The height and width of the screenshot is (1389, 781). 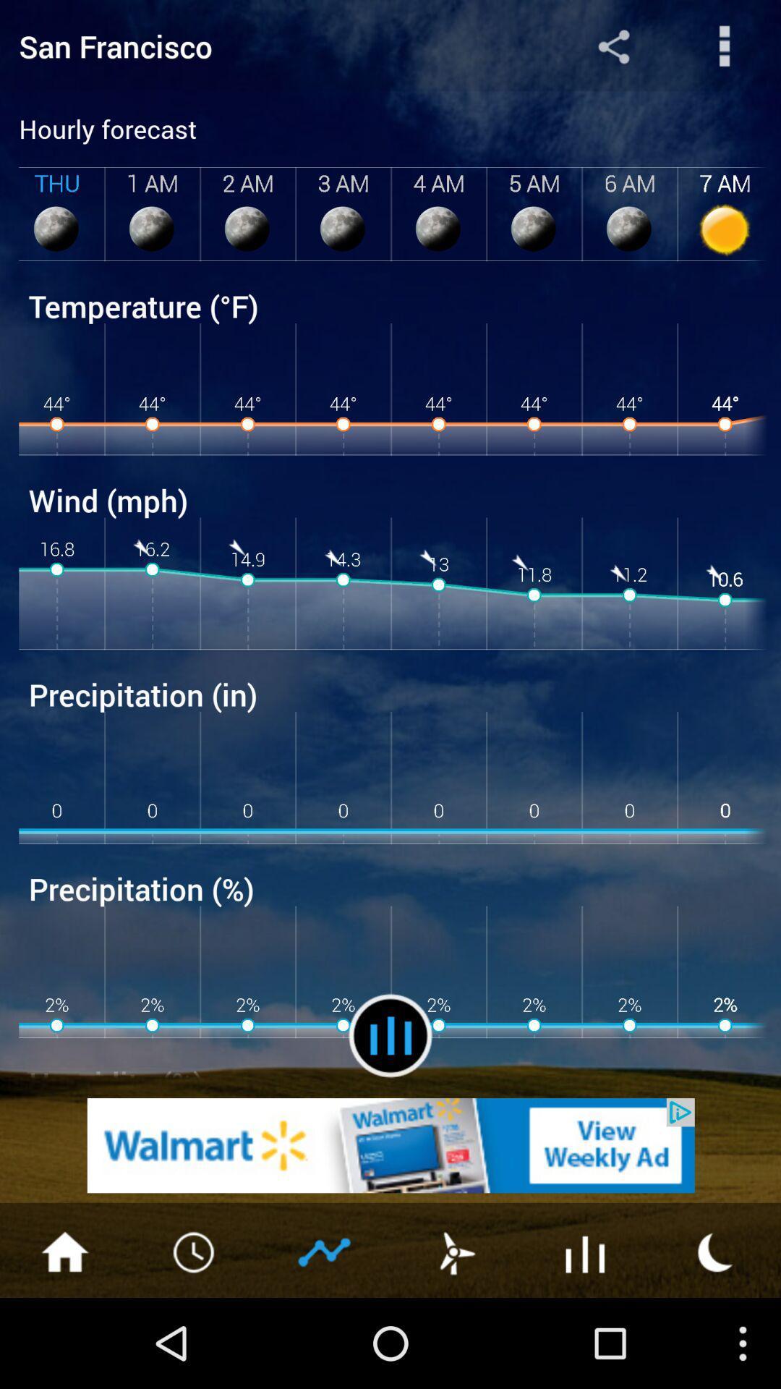 I want to click on advertising partner, so click(x=390, y=1144).